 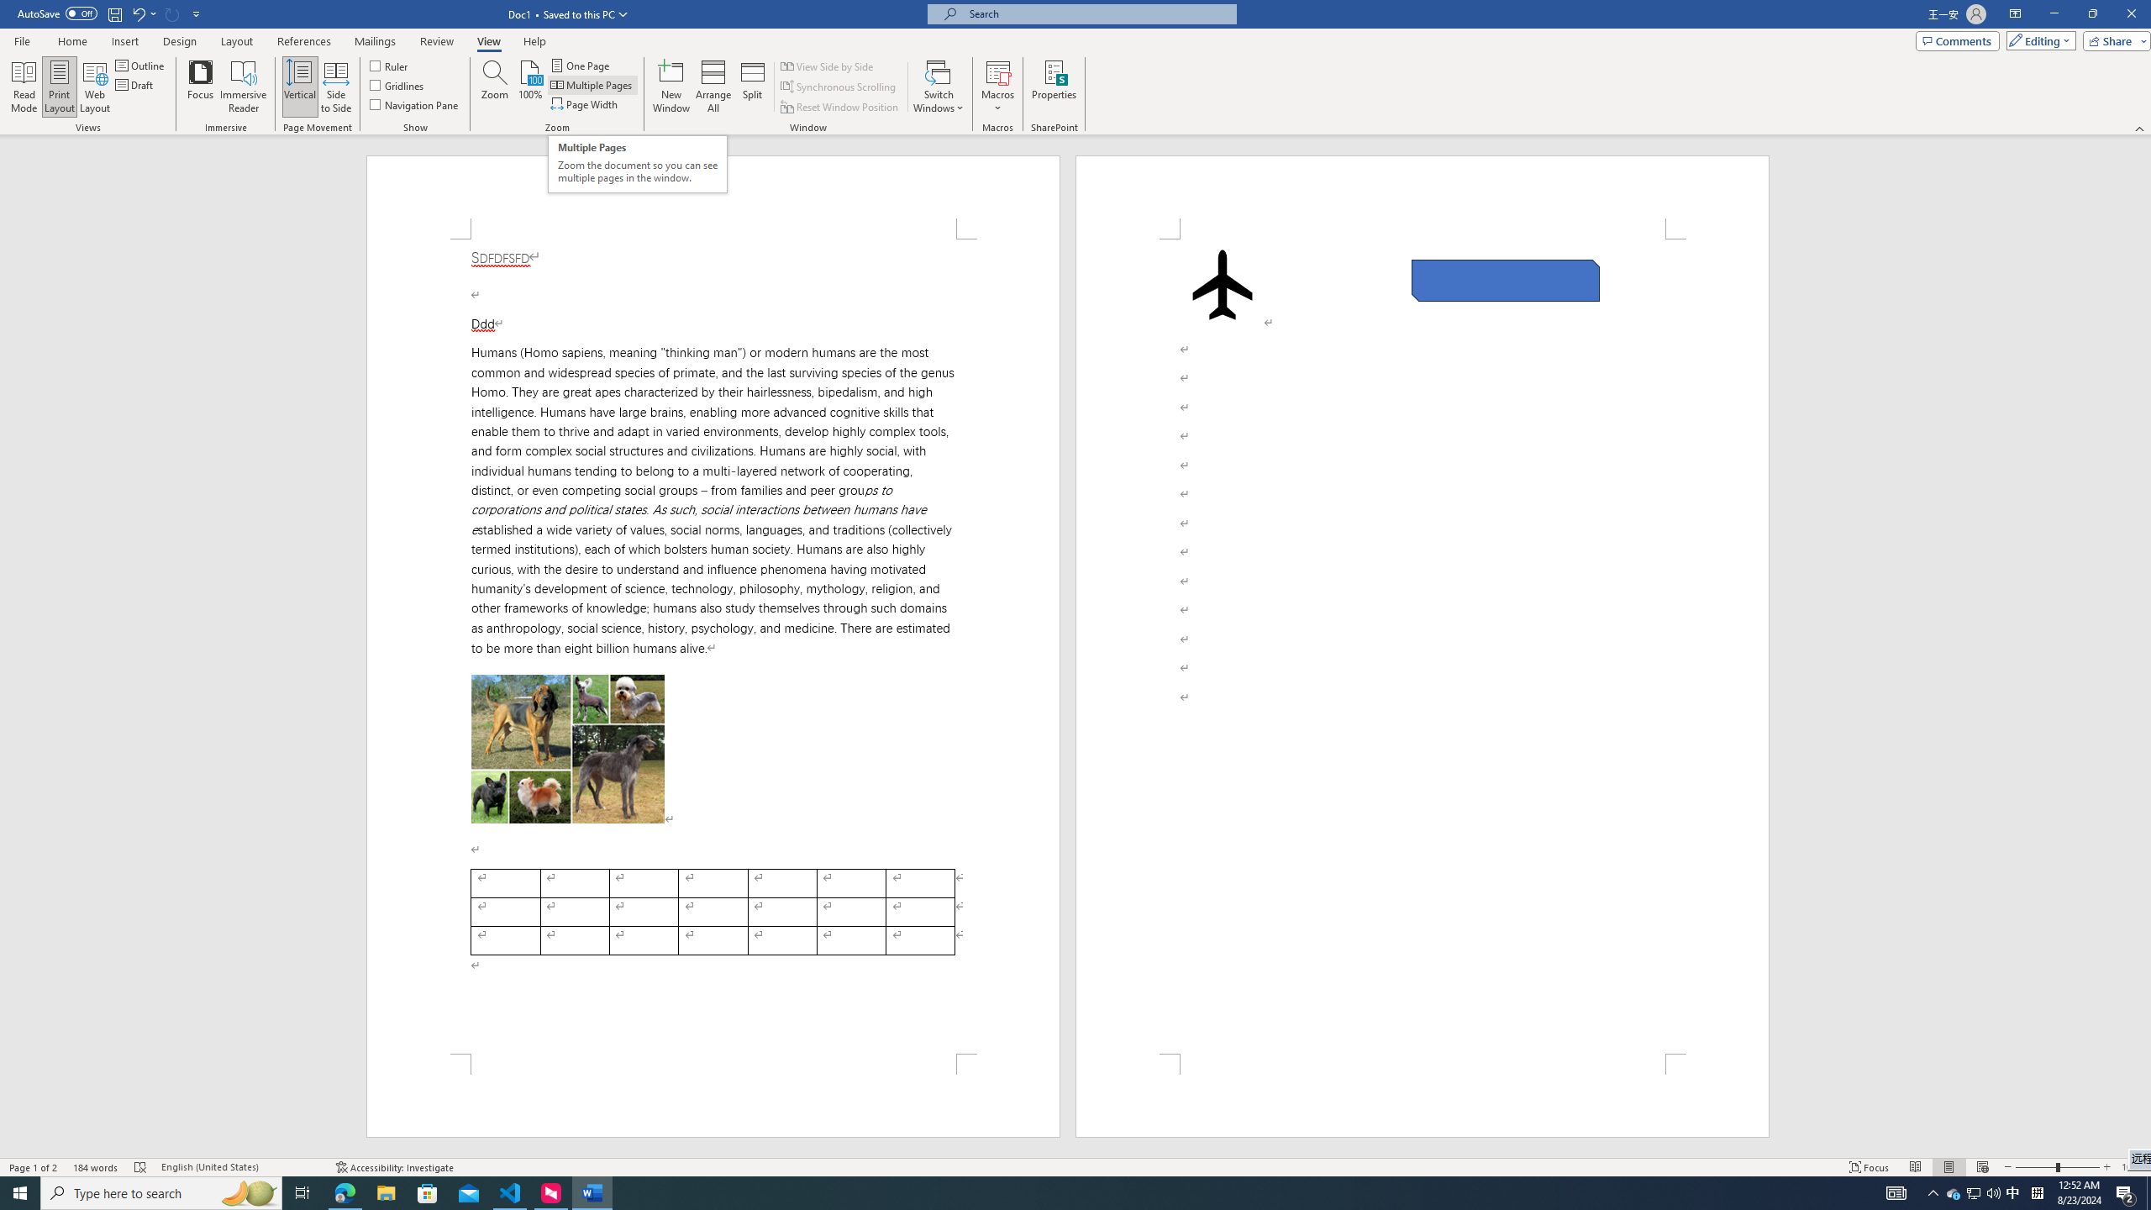 I want to click on 'Immersive Reader', so click(x=243, y=87).